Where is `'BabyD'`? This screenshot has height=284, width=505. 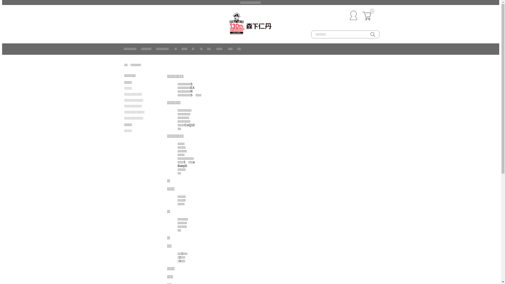 'BabyD' is located at coordinates (183, 166).